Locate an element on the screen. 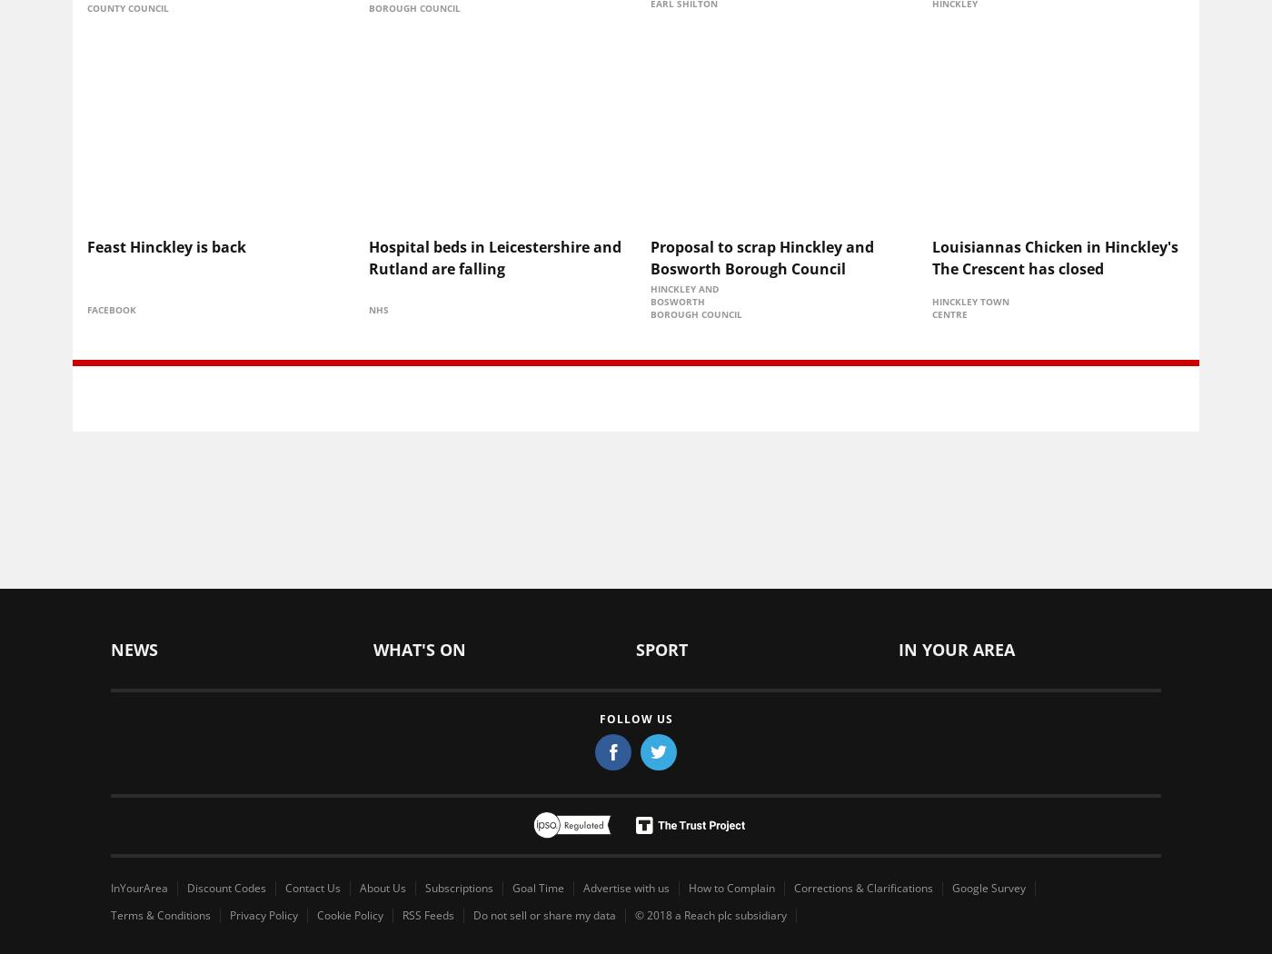  'Louisiannas Chicken in Hinckley's The Crescent has closed' is located at coordinates (1055, 255).